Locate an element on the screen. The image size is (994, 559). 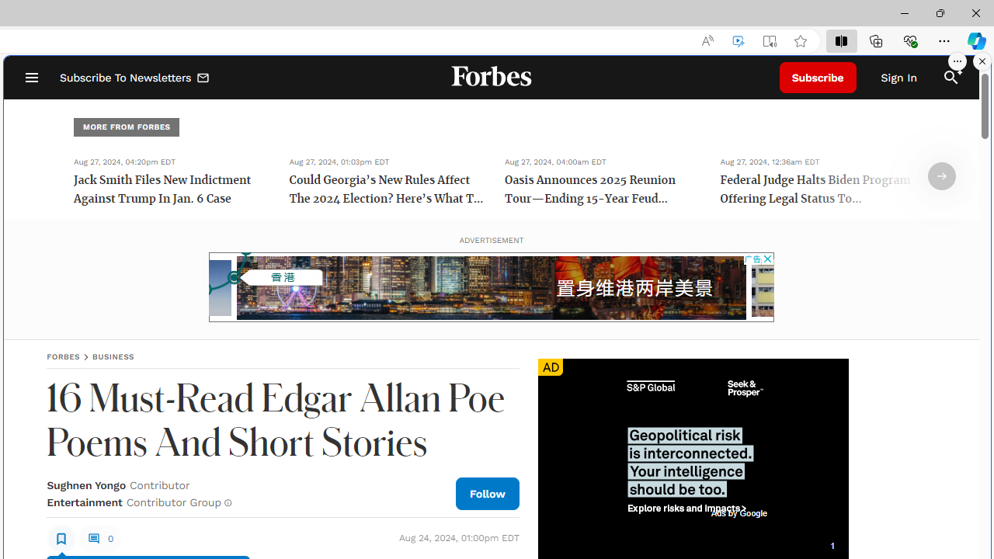
'Sughnen Yongo' is located at coordinates (85, 484).